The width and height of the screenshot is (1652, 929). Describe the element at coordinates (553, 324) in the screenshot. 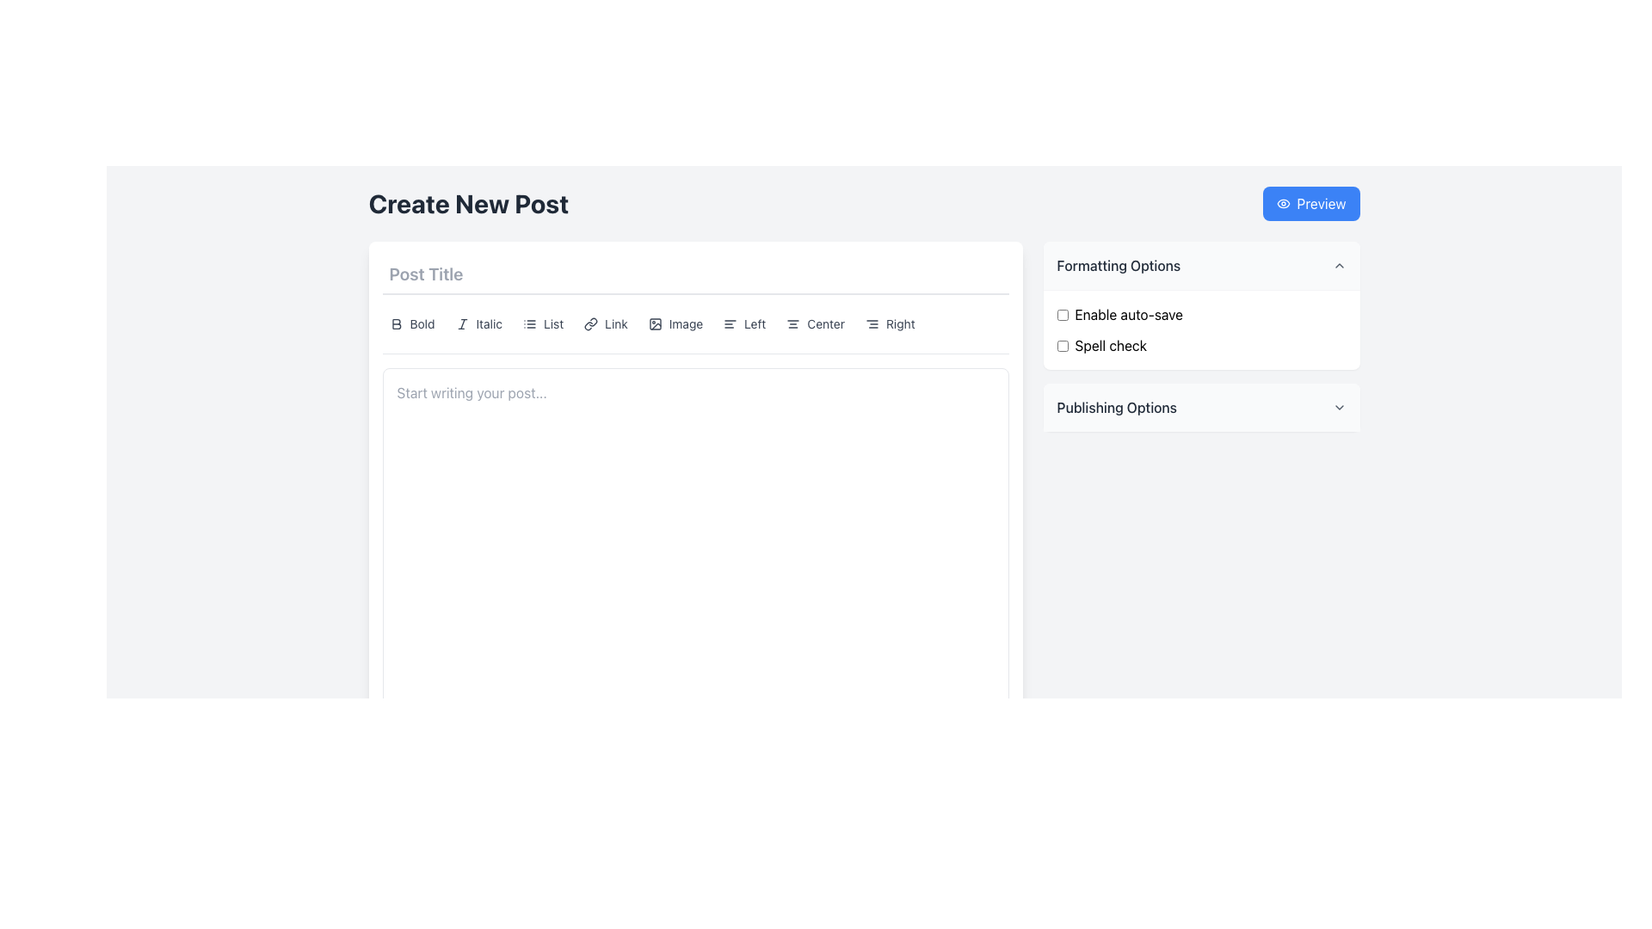

I see `the 'List' label in the top toolbar of the 'Create New Post' interface, which is styled with a smaller font size and gray color` at that location.